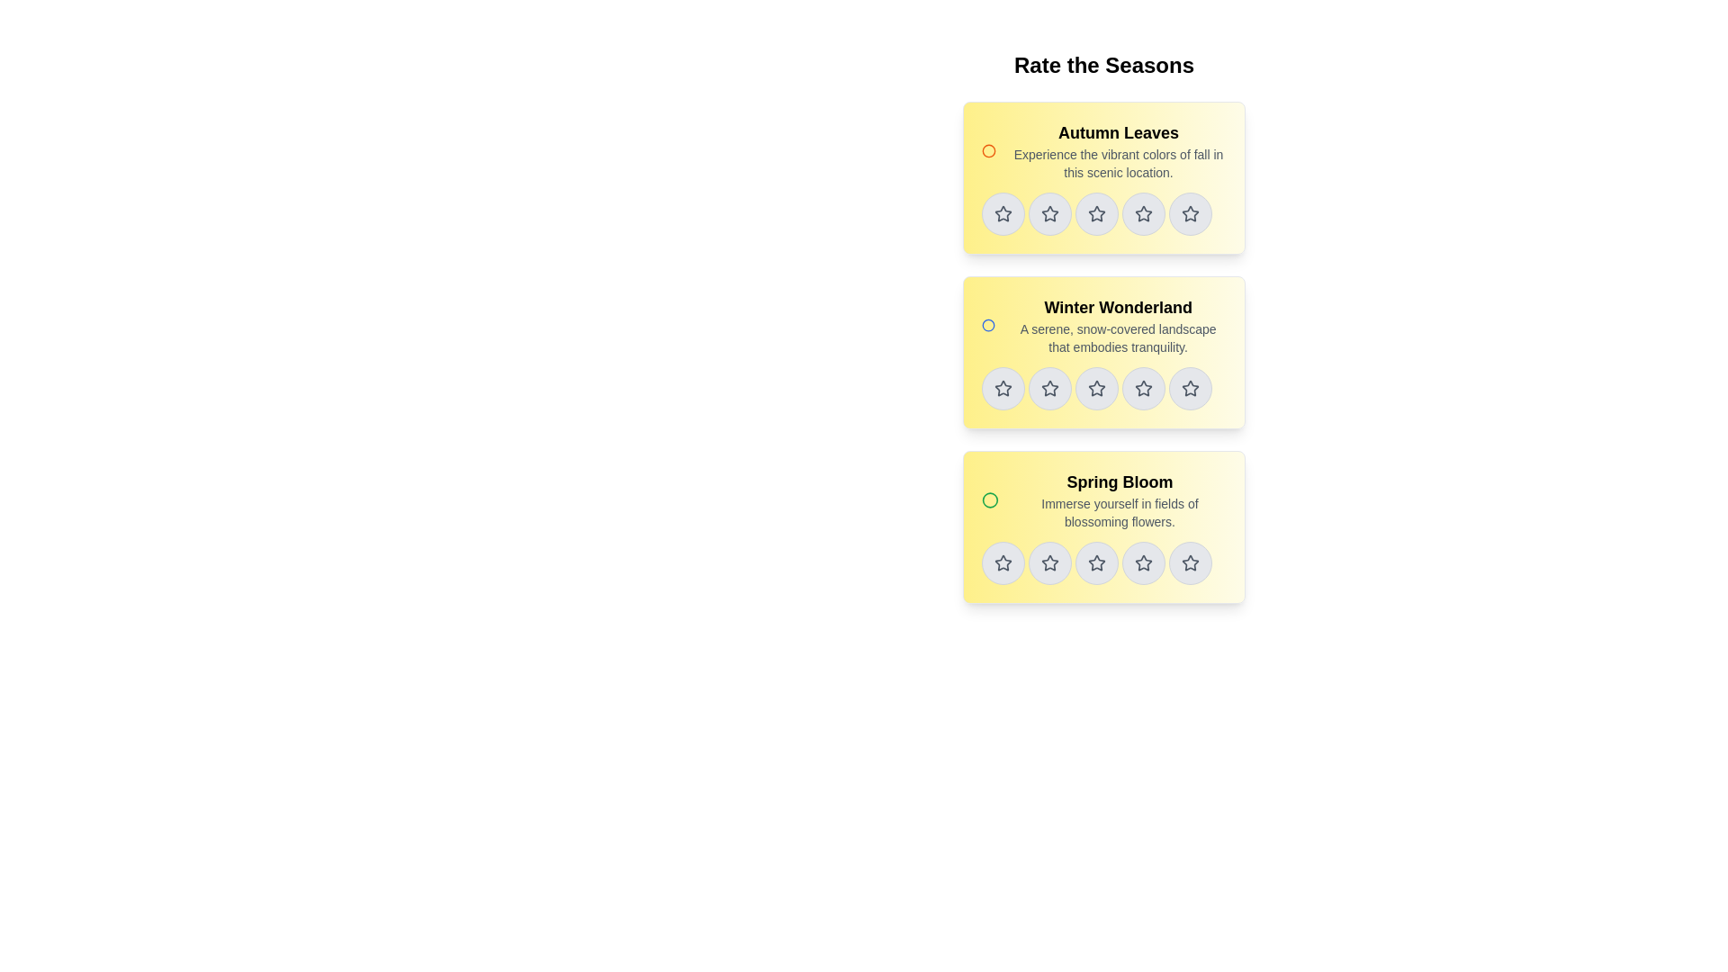  What do you see at coordinates (1117, 337) in the screenshot?
I see `text from the Text Label that contains 'A serene, snow-covered landscape that embodies tranquility.' positioned beneath the title 'Winter Wonderland'` at bounding box center [1117, 337].